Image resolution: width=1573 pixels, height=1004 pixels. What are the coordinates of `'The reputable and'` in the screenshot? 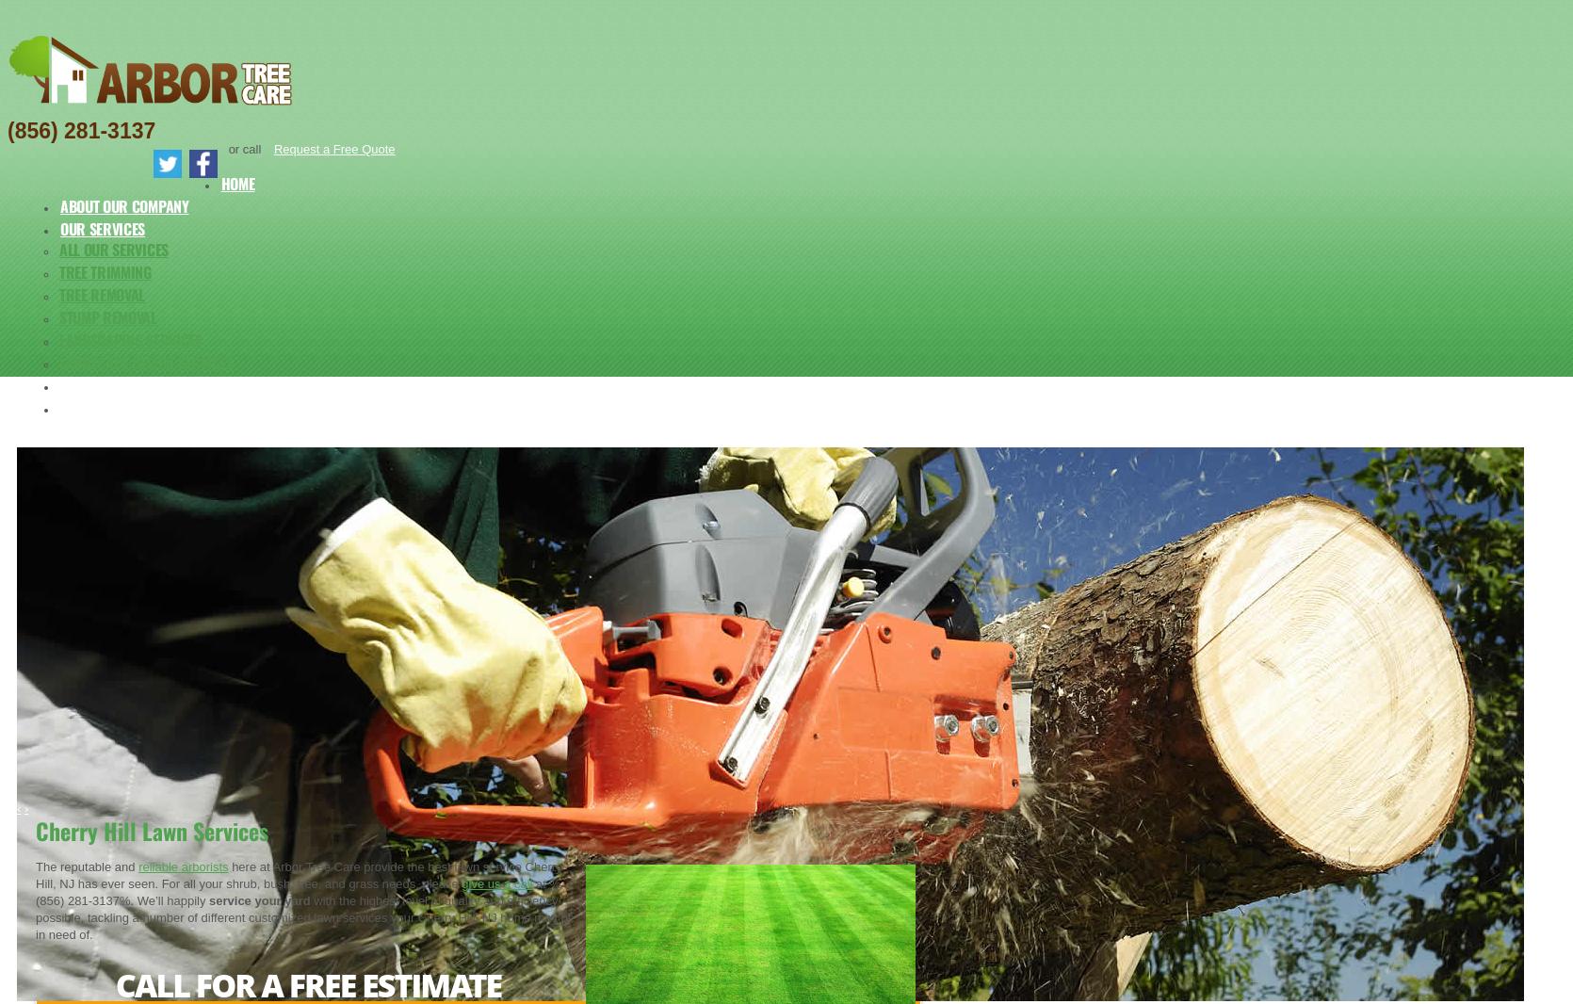 It's located at (86, 866).